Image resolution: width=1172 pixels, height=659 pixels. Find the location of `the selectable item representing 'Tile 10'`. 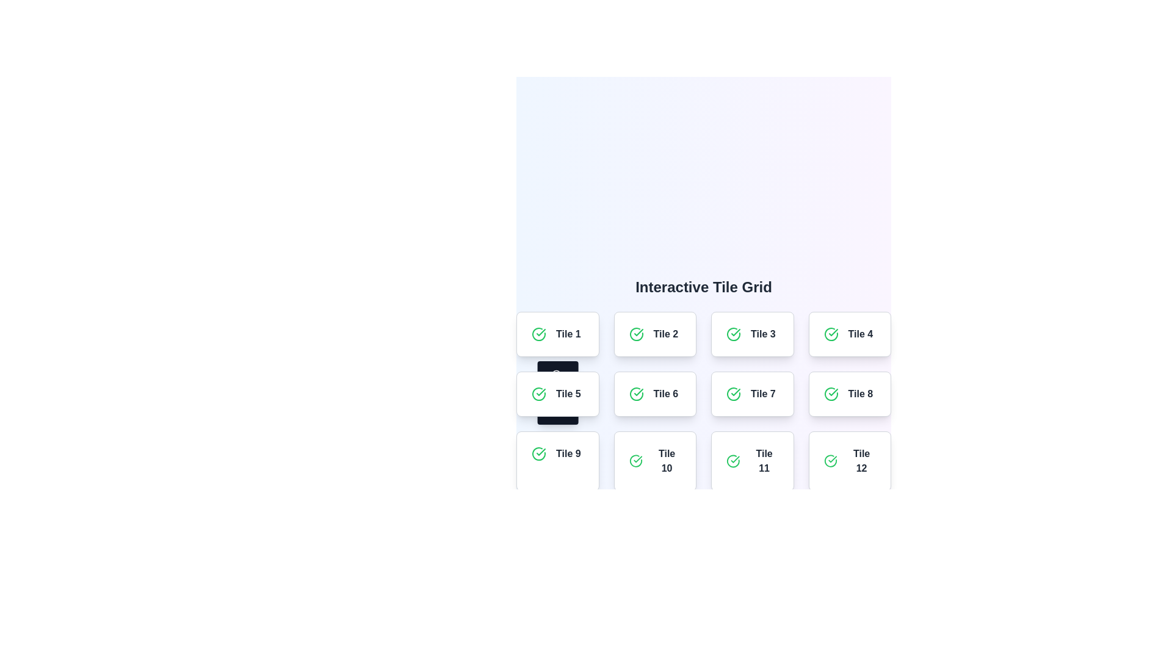

the selectable item representing 'Tile 10' is located at coordinates (654, 461).